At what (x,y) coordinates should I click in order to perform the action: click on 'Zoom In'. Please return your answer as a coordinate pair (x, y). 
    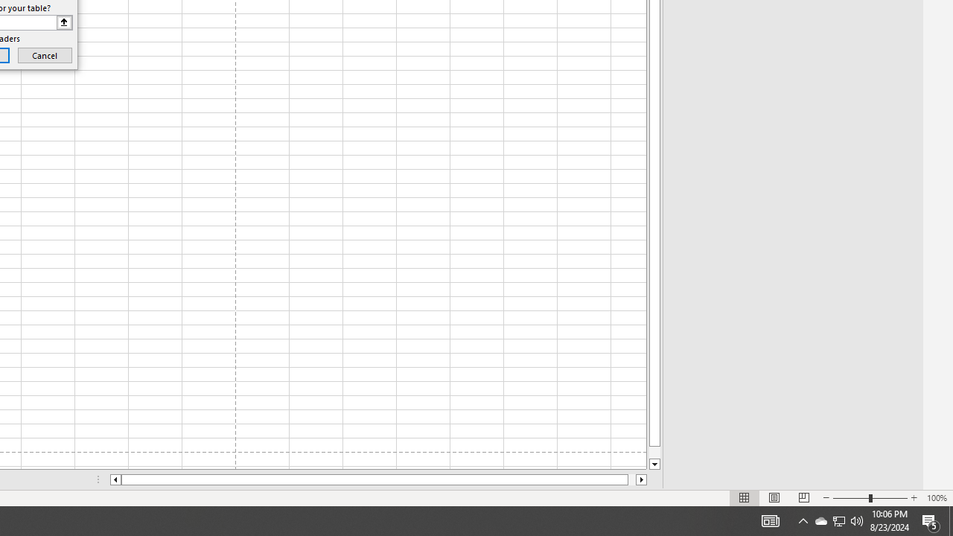
    Looking at the image, I should click on (913, 498).